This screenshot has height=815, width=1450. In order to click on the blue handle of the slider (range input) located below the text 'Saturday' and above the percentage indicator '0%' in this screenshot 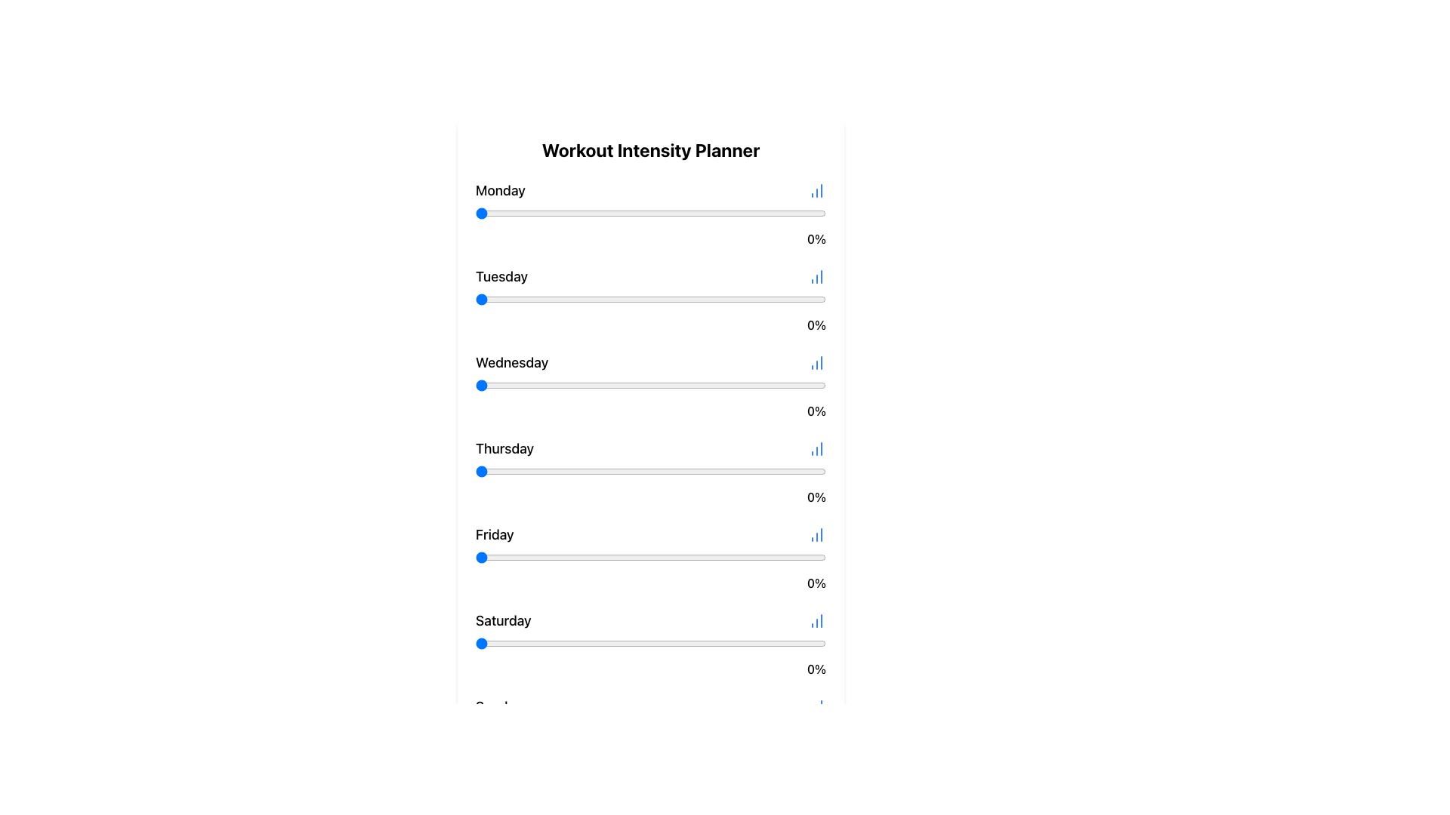, I will do `click(651, 643)`.